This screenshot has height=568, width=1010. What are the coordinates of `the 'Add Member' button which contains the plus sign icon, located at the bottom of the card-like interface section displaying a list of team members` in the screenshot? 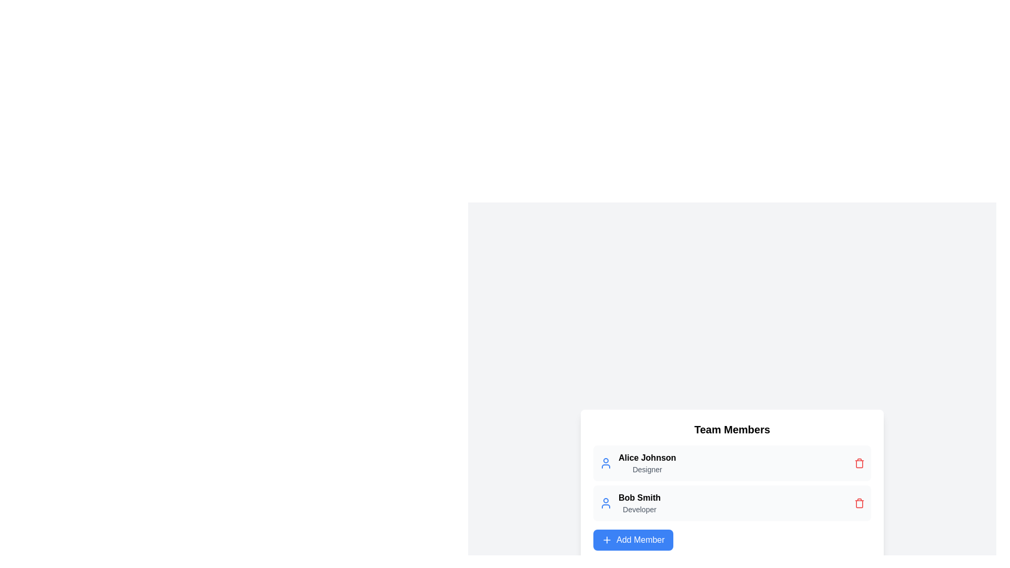 It's located at (607, 540).